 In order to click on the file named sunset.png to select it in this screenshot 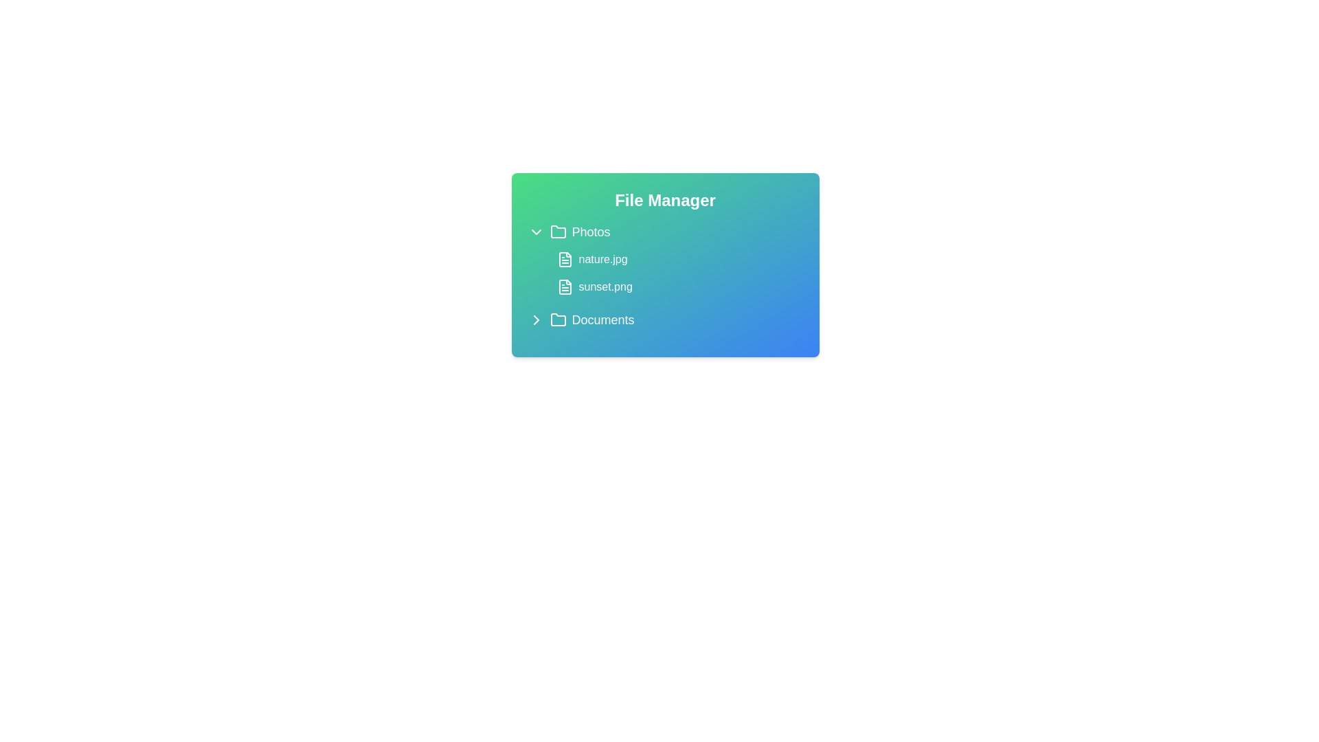, I will do `click(676, 286)`.